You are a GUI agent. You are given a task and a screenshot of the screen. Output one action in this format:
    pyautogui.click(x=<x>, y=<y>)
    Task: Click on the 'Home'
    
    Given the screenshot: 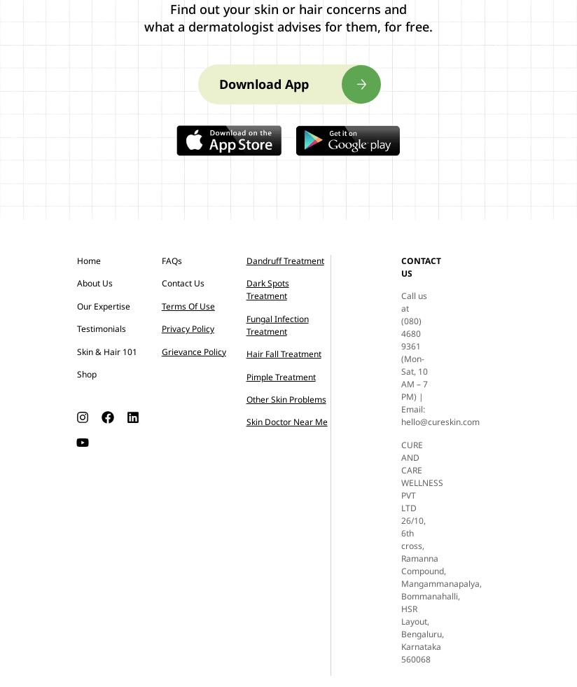 What is the action you would take?
    pyautogui.click(x=88, y=260)
    